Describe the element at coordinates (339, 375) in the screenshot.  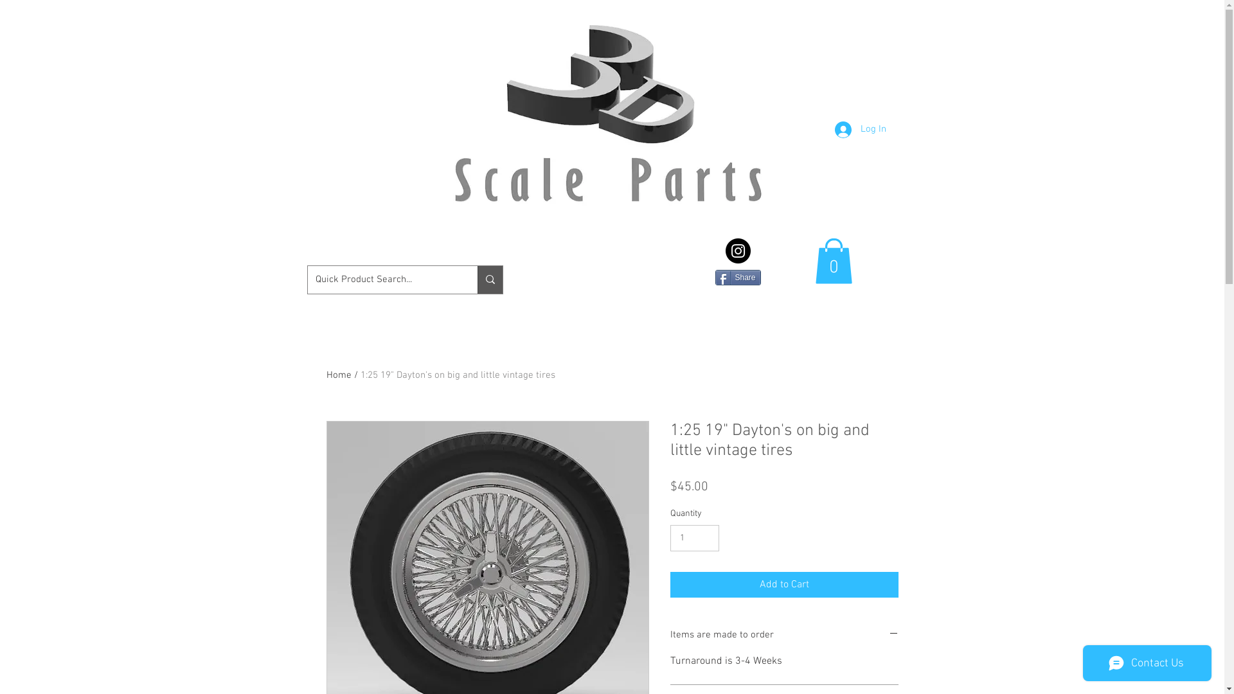
I see `'Home'` at that location.